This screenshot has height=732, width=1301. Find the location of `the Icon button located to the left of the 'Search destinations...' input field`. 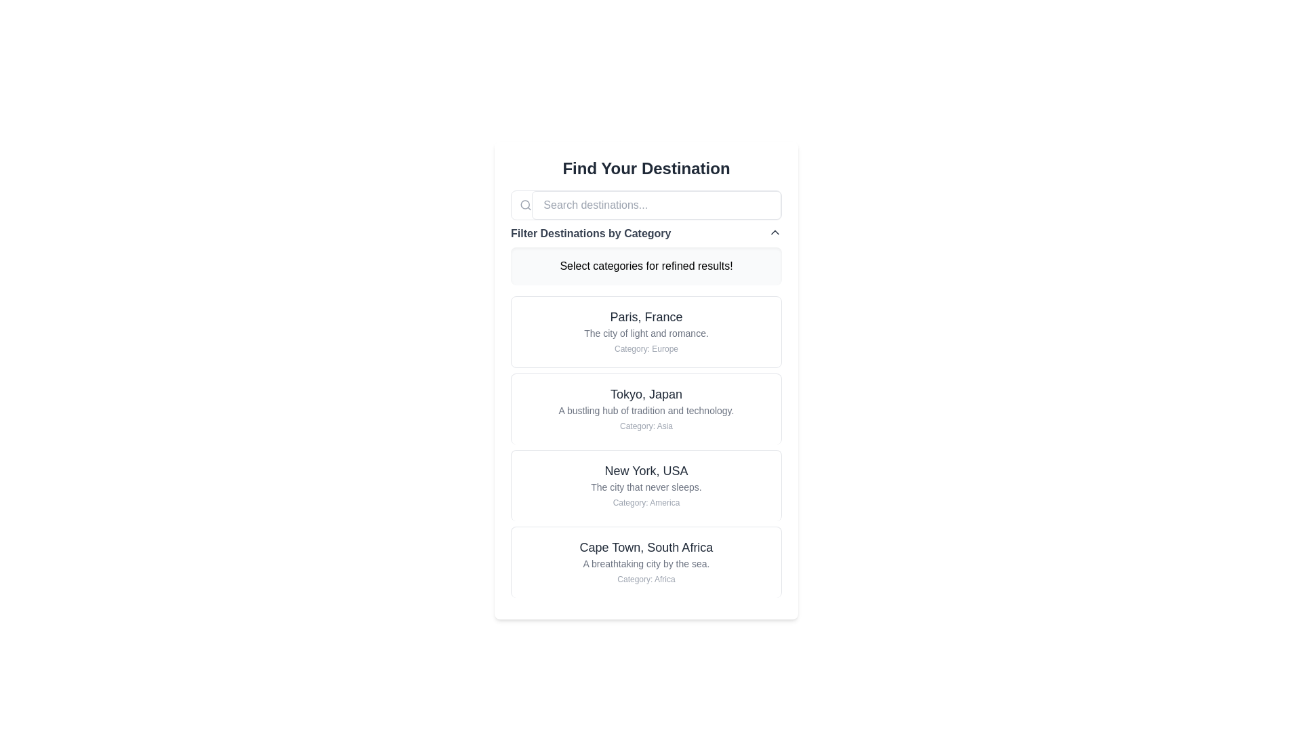

the Icon button located to the left of the 'Search destinations...' input field is located at coordinates (525, 205).